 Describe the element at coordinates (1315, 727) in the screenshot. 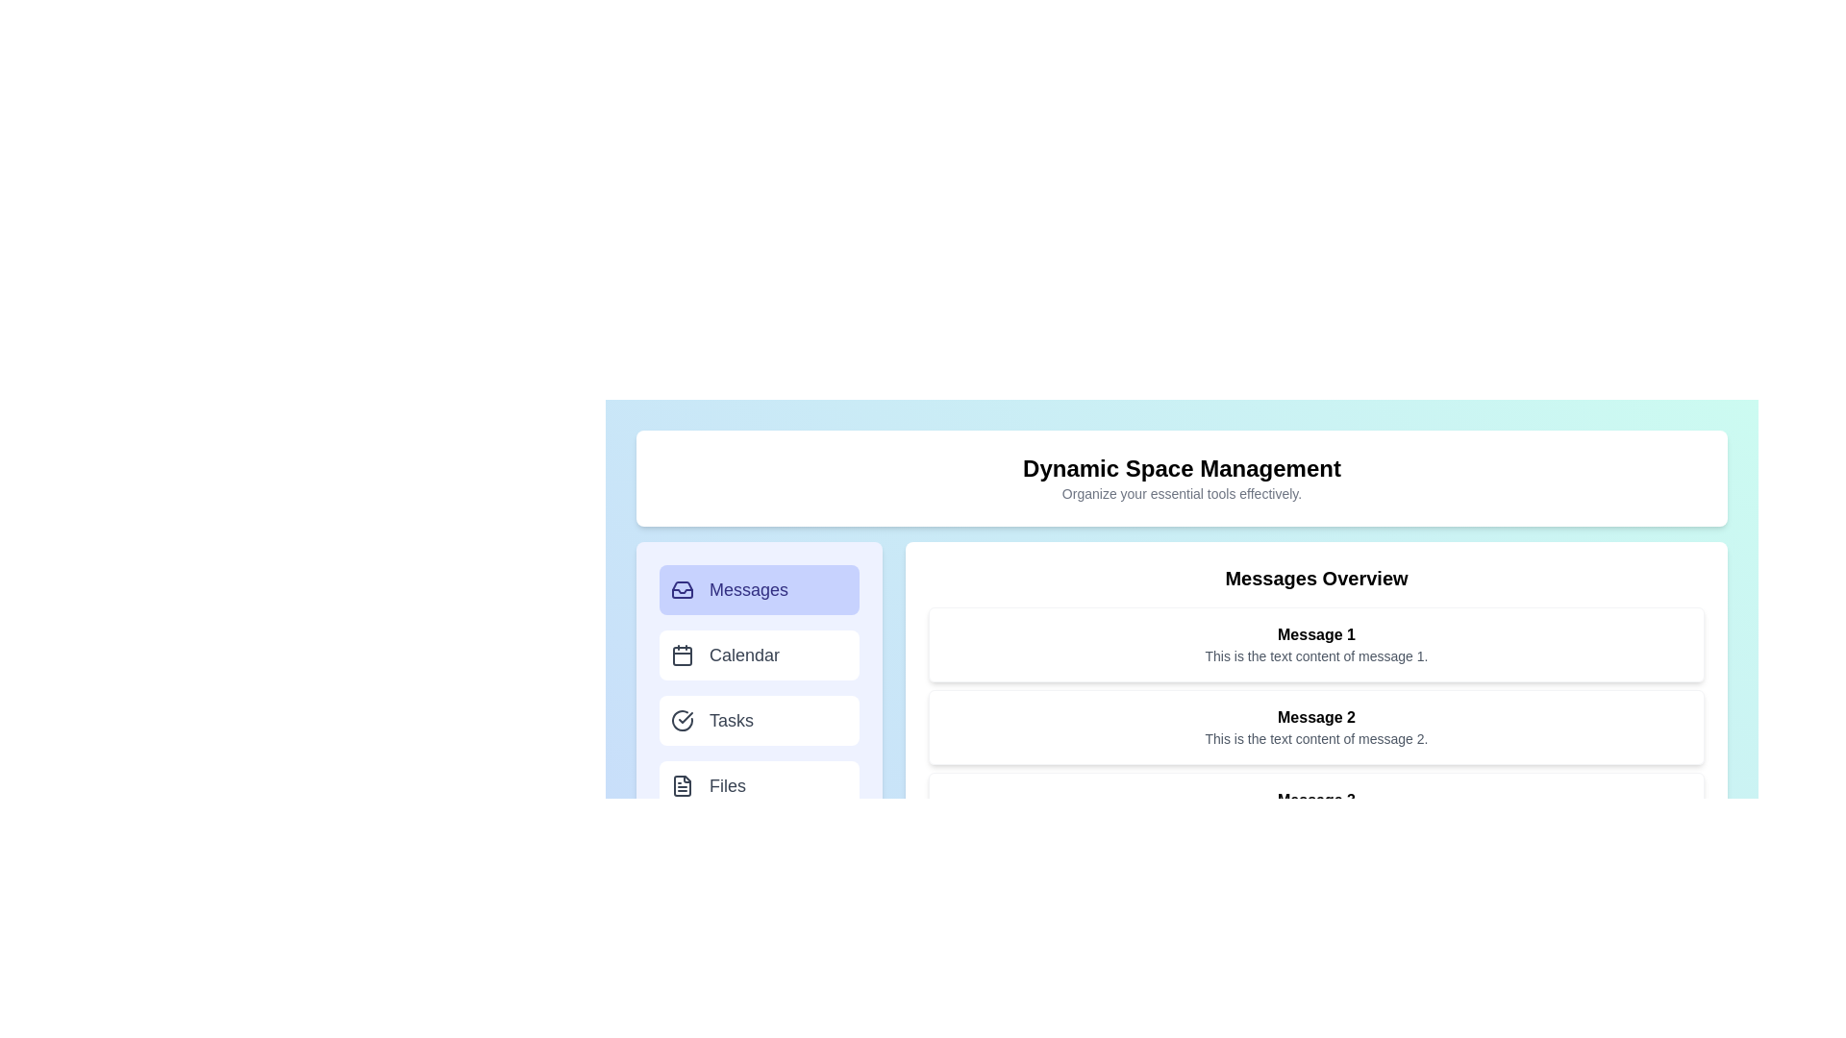

I see `the Text block displaying 'Message 2'` at that location.